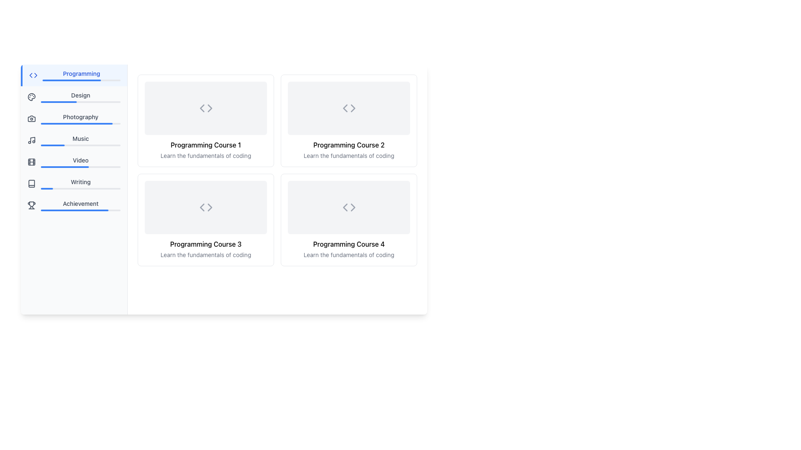 This screenshot has width=801, height=450. Describe the element at coordinates (81, 80) in the screenshot. I see `the progress bar located in the 'Programming' section of the sidebar, which visually represents the completion status with a gray background and a blue foreground indicating completed progress` at that location.